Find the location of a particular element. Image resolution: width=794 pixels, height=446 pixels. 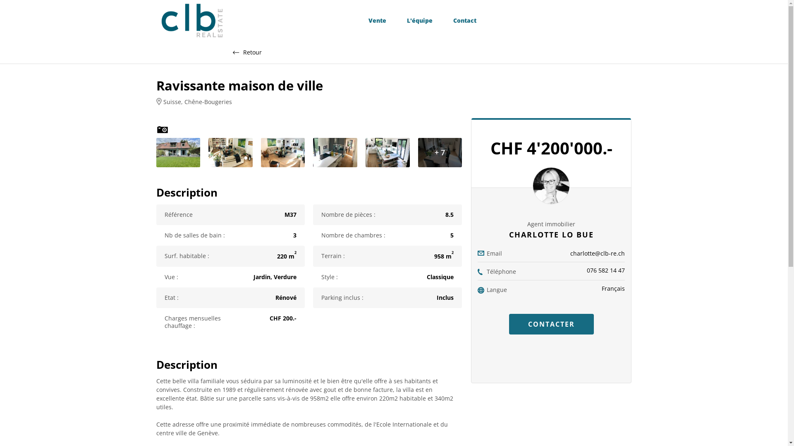

'Retour' is located at coordinates (246, 52).